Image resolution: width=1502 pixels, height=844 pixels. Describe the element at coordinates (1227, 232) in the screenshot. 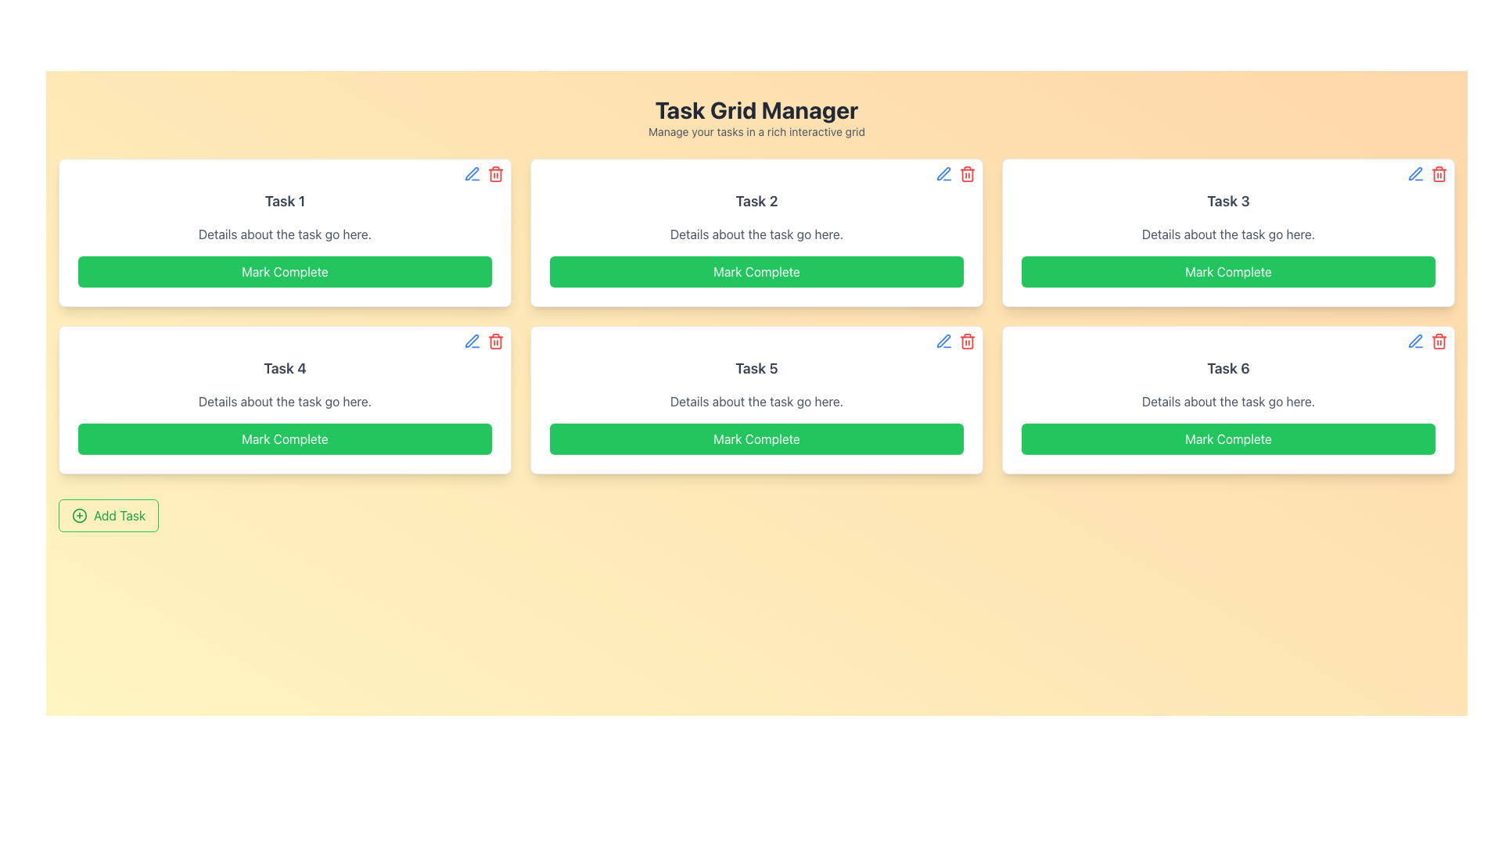

I see `the task card representing 'Task 3' located in the top-right corner of the 2x3 grid layout` at that location.